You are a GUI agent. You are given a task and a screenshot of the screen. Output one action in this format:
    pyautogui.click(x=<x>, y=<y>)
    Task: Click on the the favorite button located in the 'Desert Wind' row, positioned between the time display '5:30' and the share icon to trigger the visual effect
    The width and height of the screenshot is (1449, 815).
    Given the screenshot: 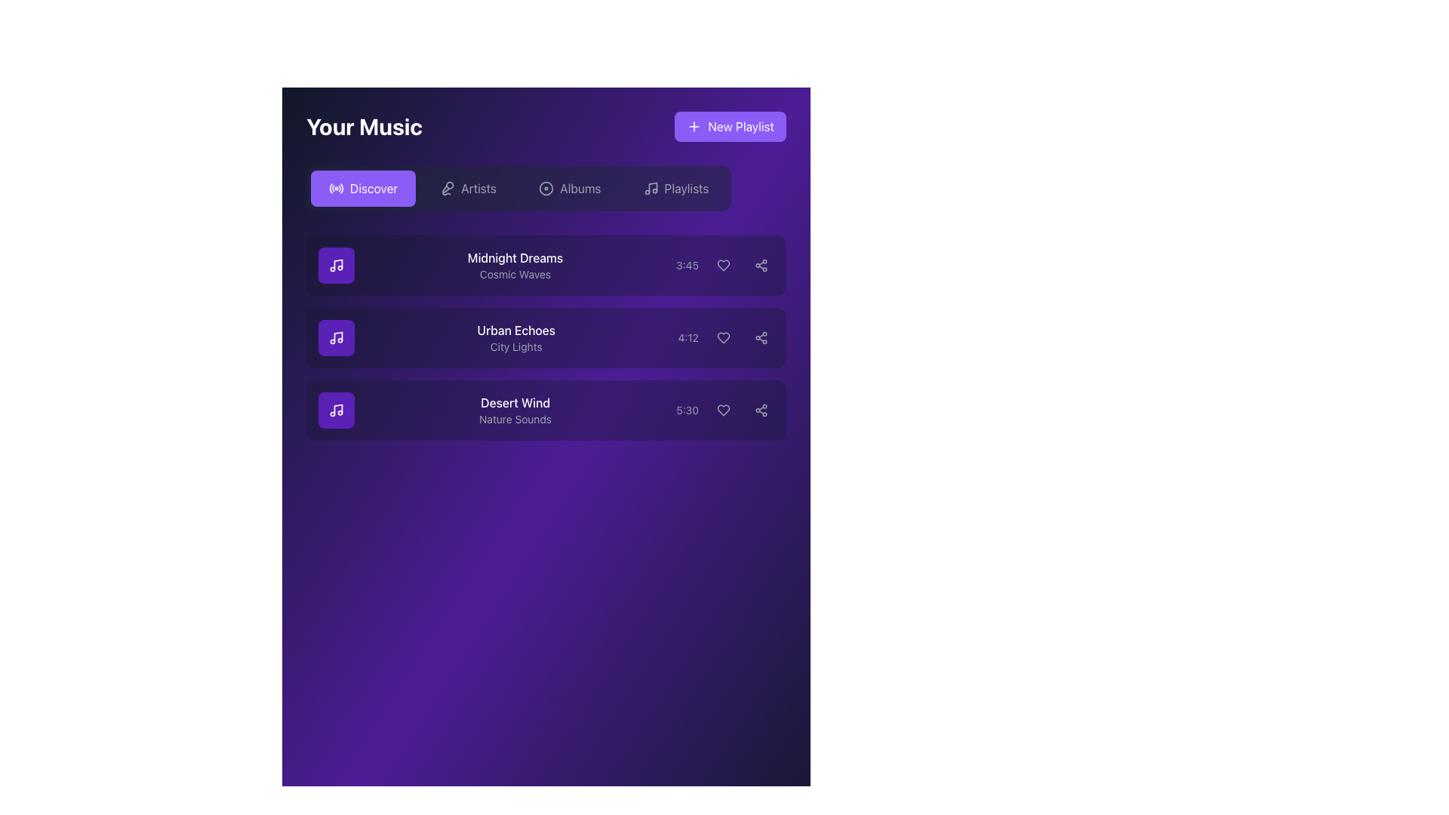 What is the action you would take?
    pyautogui.click(x=723, y=410)
    